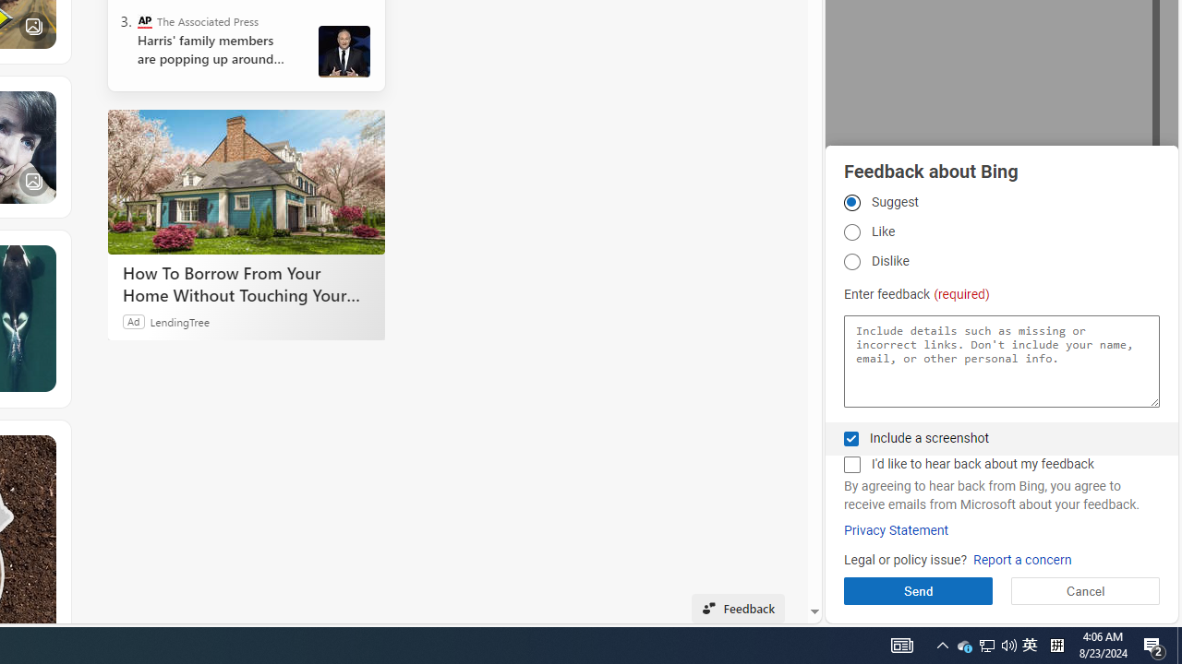 This screenshot has height=664, width=1182. I want to click on 'Like Like', so click(850, 231).